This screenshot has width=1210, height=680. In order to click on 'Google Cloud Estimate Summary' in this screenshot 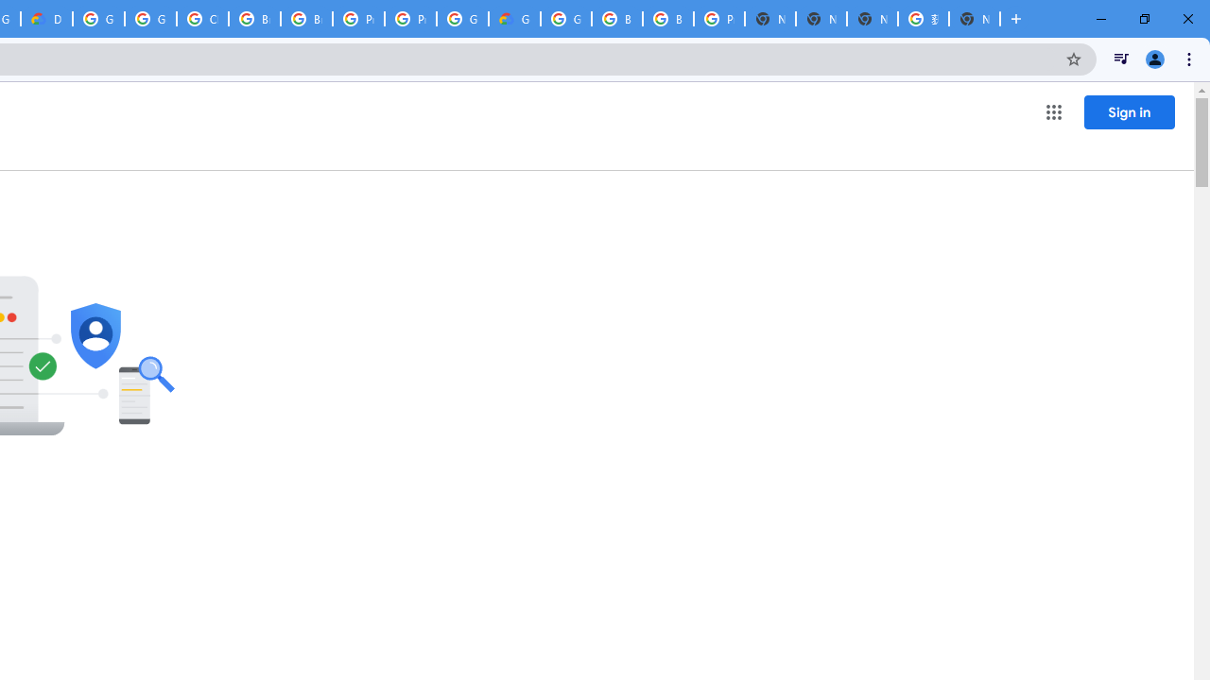, I will do `click(514, 19)`.